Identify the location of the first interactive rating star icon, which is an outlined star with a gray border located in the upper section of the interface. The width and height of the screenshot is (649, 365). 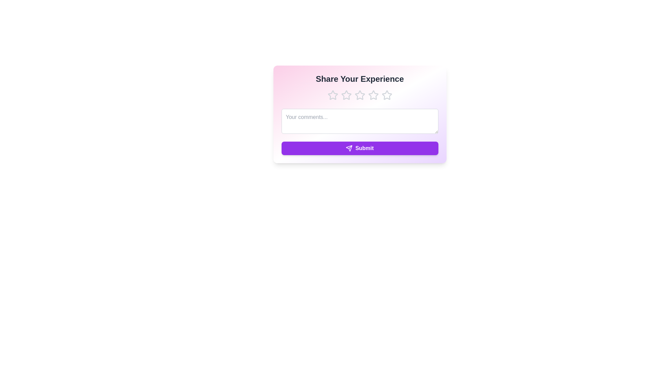
(333, 95).